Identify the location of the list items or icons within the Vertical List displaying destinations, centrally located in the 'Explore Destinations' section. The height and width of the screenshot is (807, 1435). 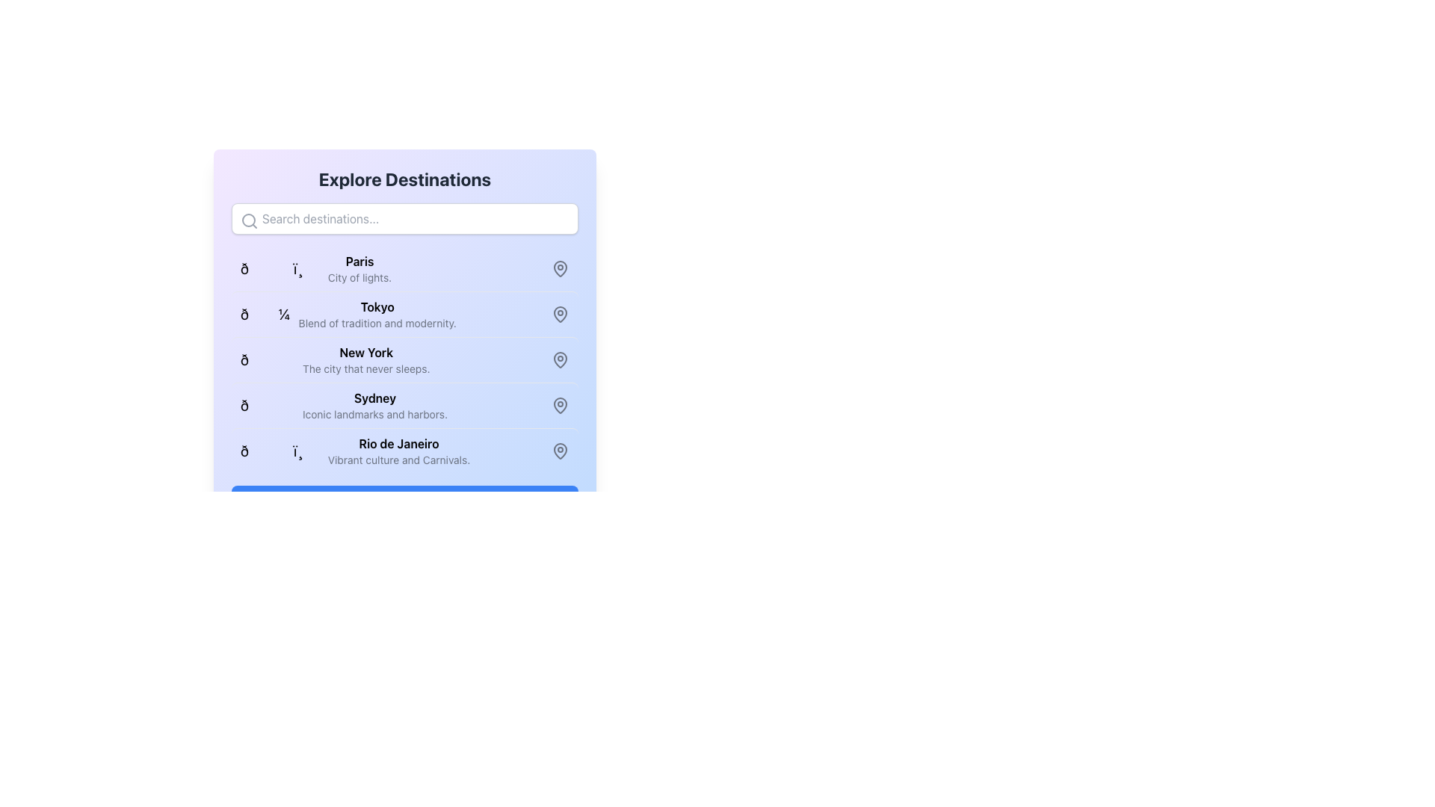
(405, 360).